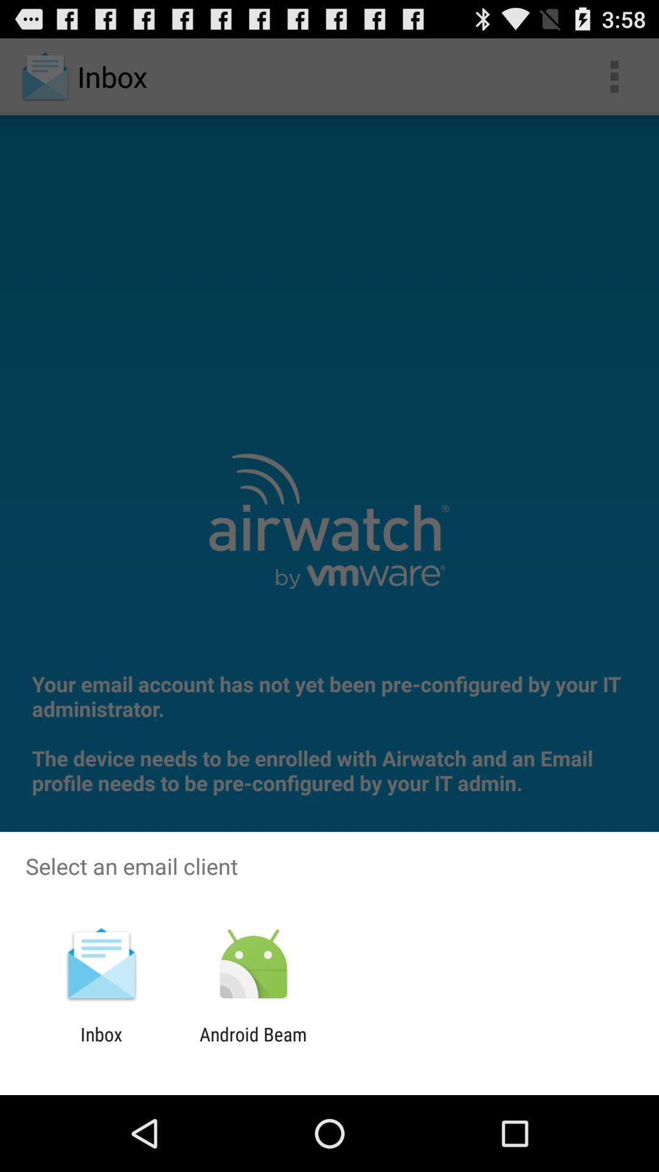  What do you see at coordinates (101, 1044) in the screenshot?
I see `icon to the left of the android beam item` at bounding box center [101, 1044].